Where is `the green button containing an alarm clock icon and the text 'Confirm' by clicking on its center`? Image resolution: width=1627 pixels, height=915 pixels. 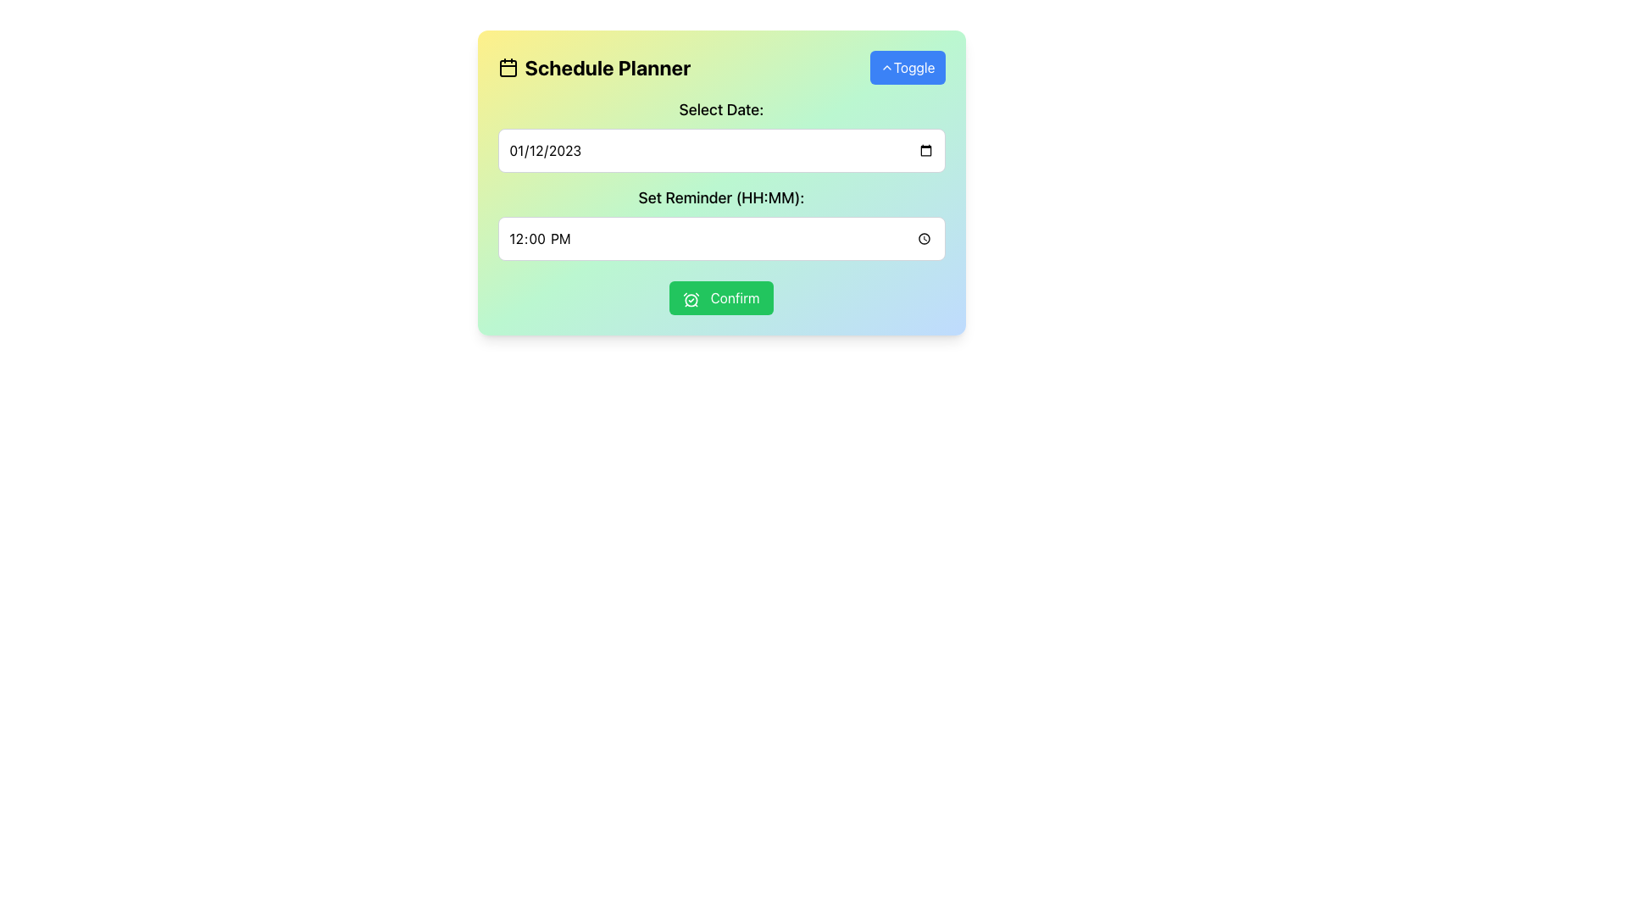 the green button containing an alarm clock icon and the text 'Confirm' by clicking on its center is located at coordinates (691, 298).